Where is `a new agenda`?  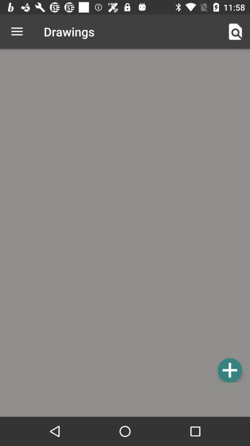 a new agenda is located at coordinates (125, 217).